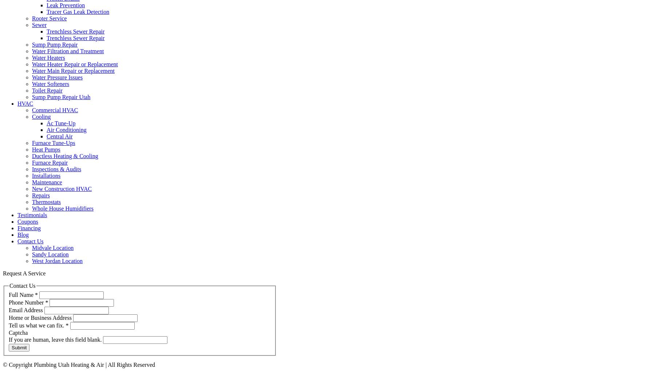  I want to click on 'Leak Prevention', so click(66, 5).